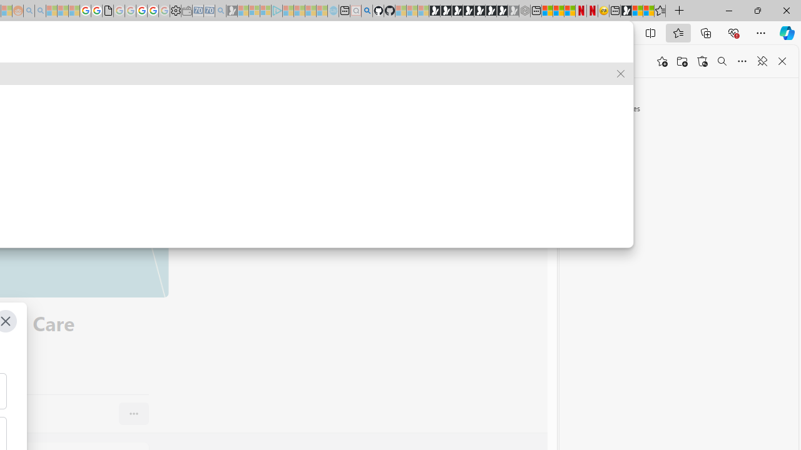 The image size is (801, 450). Describe the element at coordinates (209, 11) in the screenshot. I see `'Cheap Car Rentals - Save70.com - Sleeping'` at that location.